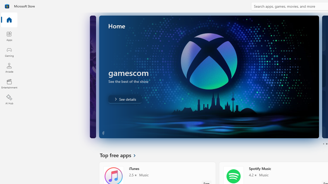  I want to click on 'See all  Top free apps', so click(120, 155).